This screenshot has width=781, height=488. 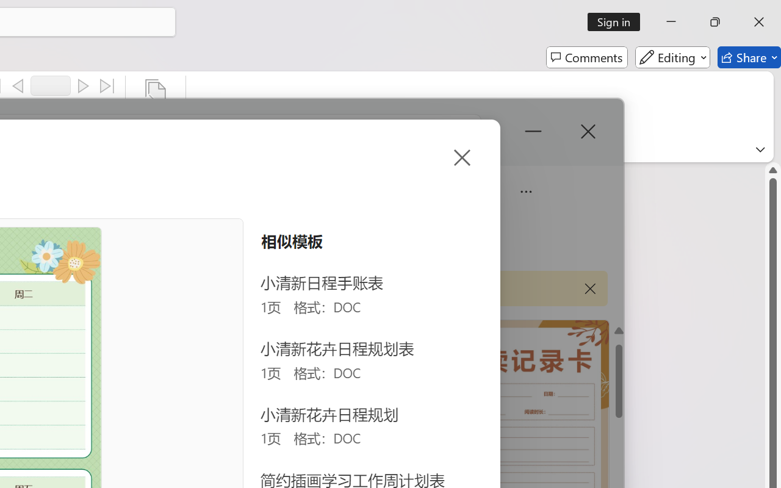 I want to click on 'Previous', so click(x=18, y=86).